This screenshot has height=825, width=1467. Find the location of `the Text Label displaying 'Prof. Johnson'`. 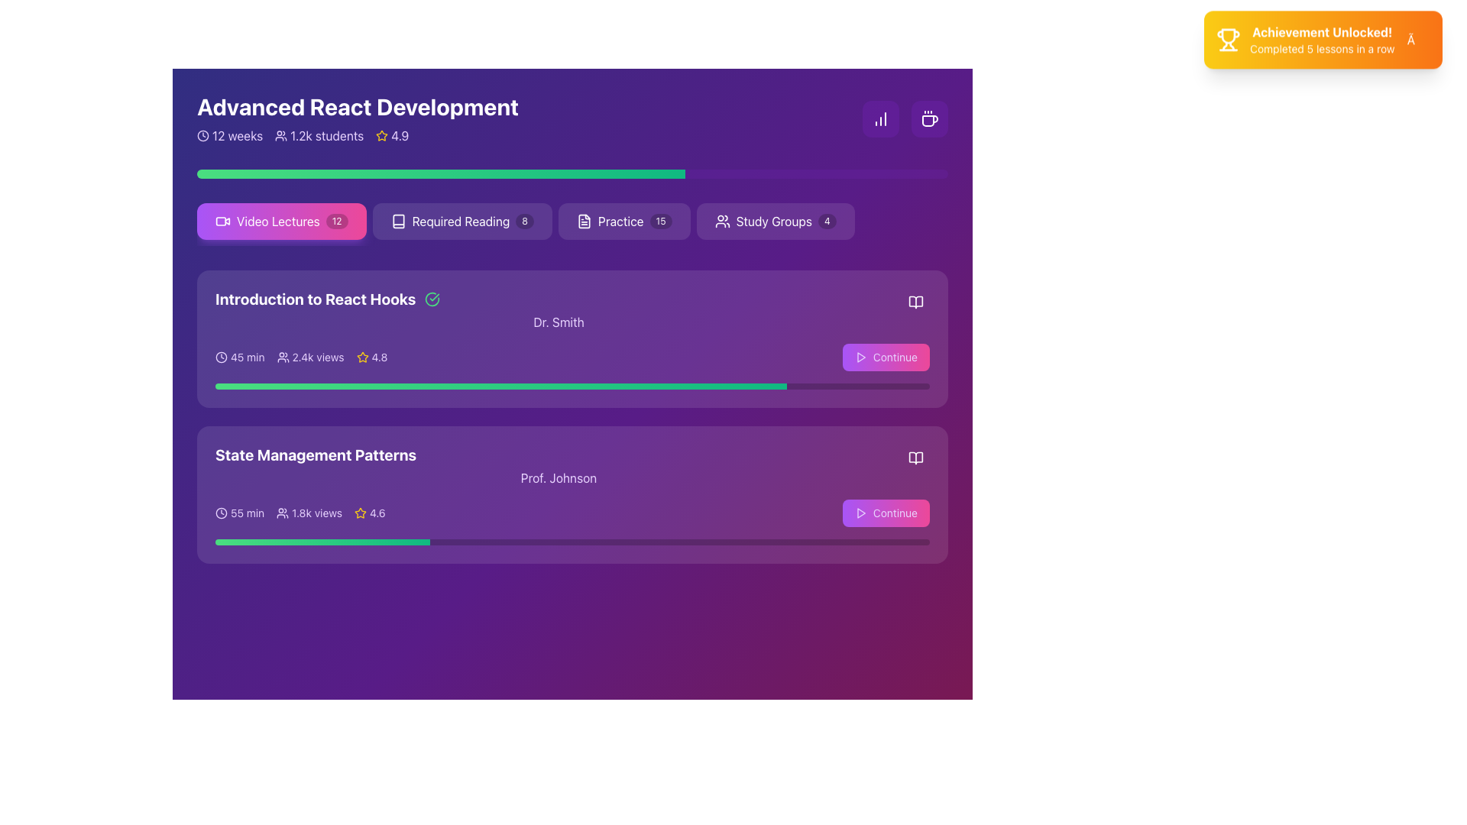

the Text Label displaying 'Prof. Johnson' is located at coordinates (558, 477).